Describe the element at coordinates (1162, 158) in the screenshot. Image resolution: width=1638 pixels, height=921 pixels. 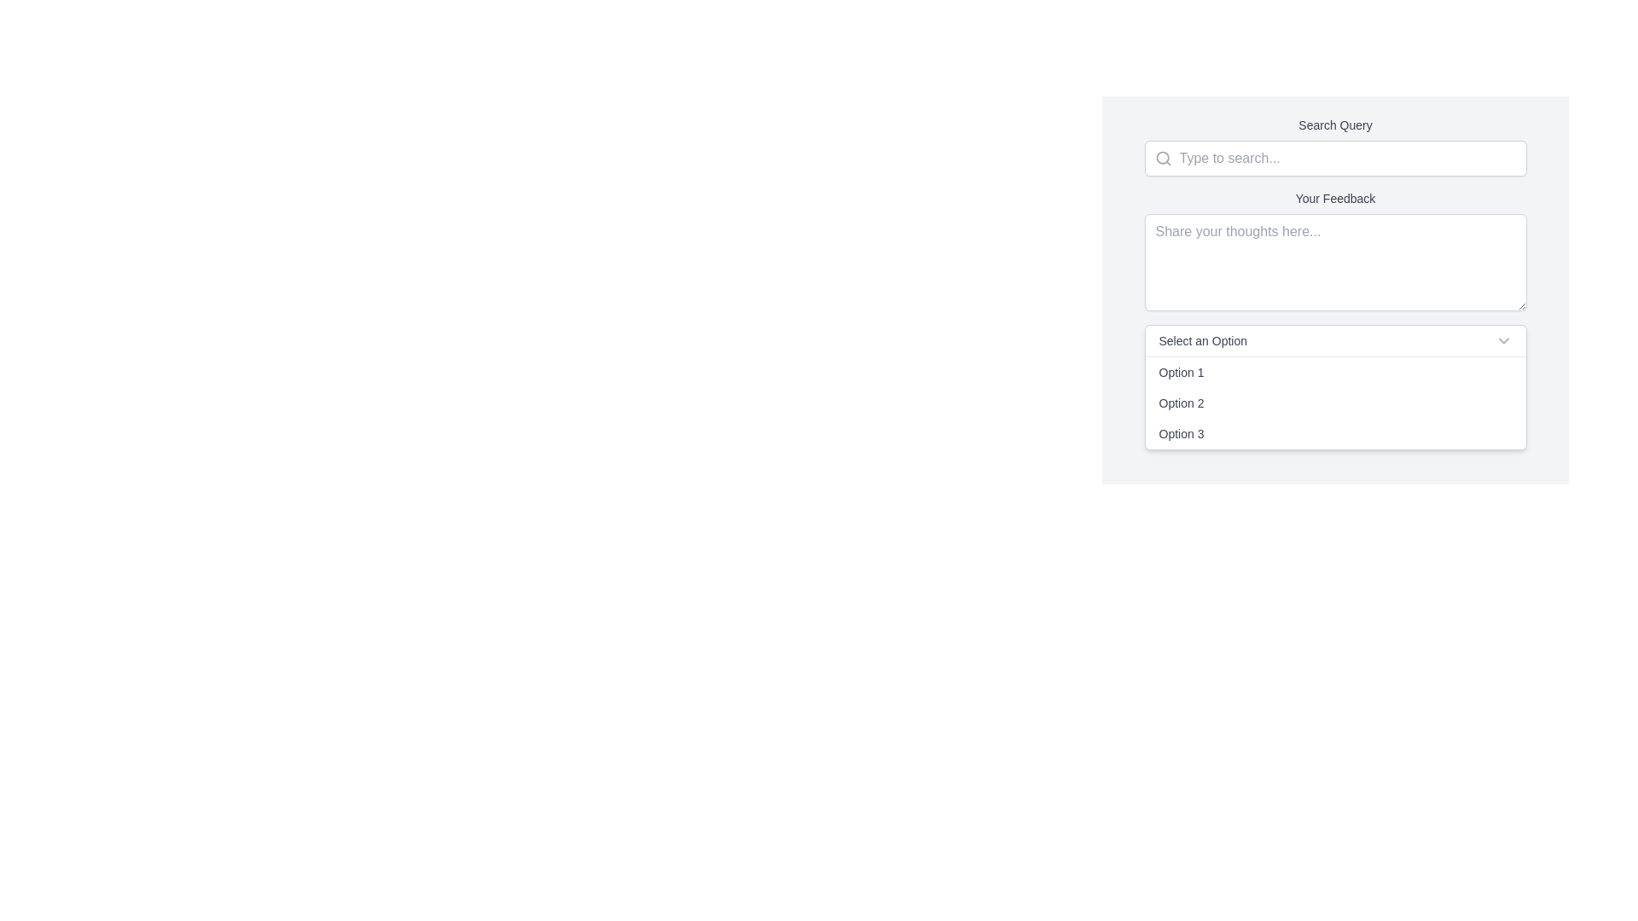
I see `the magnifying glass icon located to the left of the 'Search Query' input field to understand its function` at that location.